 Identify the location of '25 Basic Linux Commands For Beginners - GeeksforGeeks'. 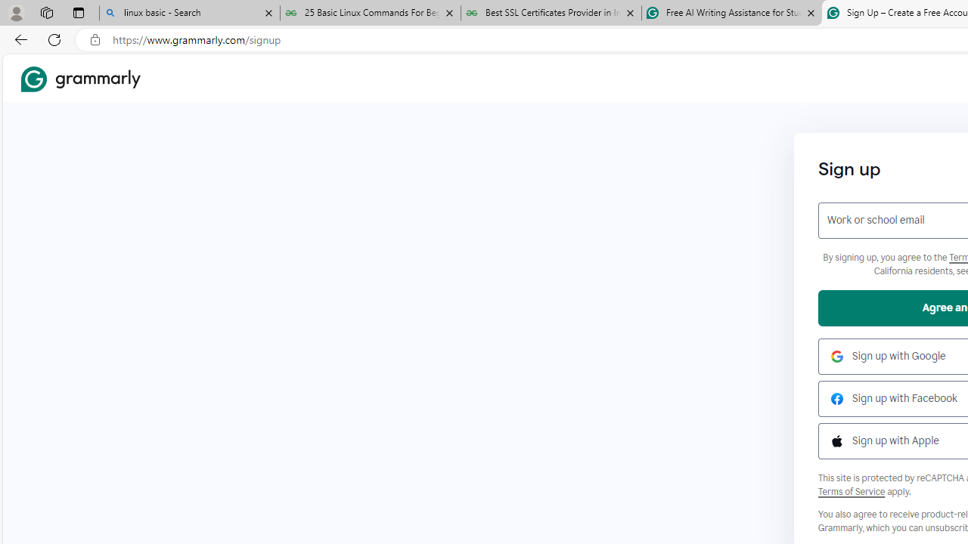
(371, 13).